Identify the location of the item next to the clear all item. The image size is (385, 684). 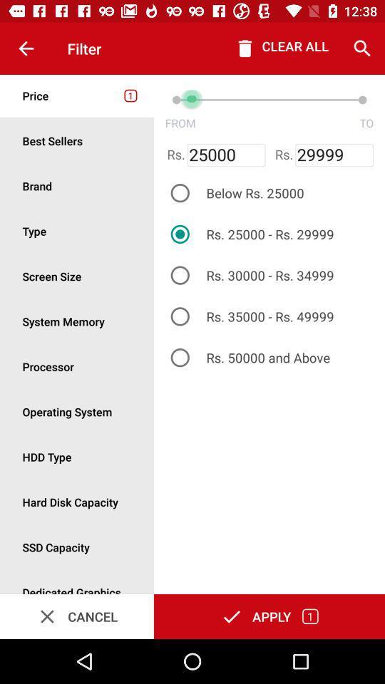
(362, 48).